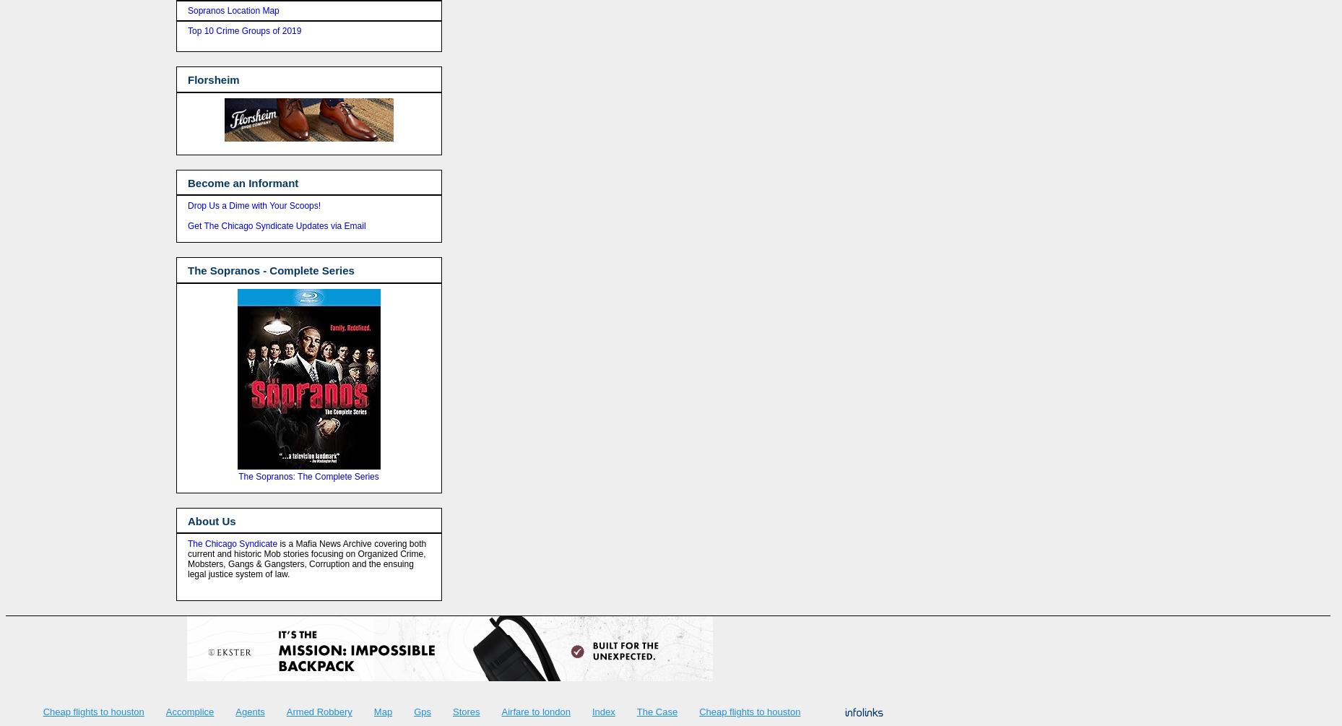 The height and width of the screenshot is (726, 1342). What do you see at coordinates (318, 711) in the screenshot?
I see `'Armed Robbery'` at bounding box center [318, 711].